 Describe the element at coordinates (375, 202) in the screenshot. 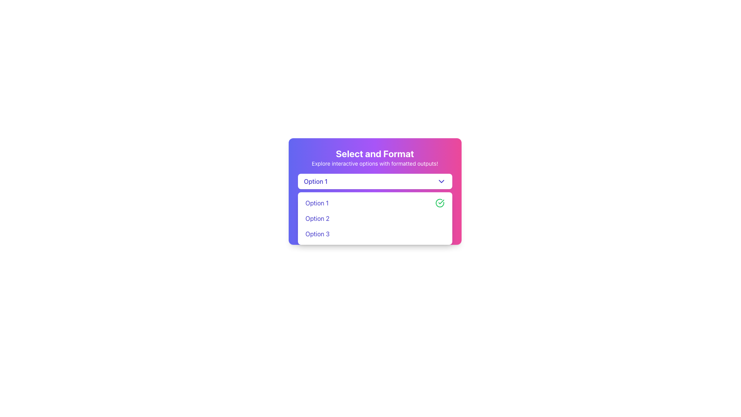

I see `the selectable list item labeled 'Option 1' in the dropdown menu` at that location.